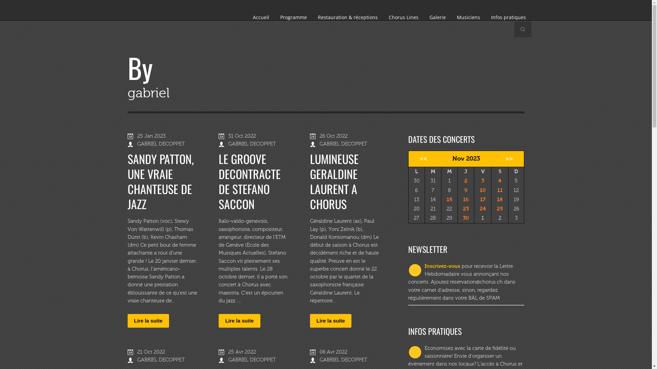  What do you see at coordinates (383, 17) in the screenshot?
I see `'Chorus Lines'` at bounding box center [383, 17].